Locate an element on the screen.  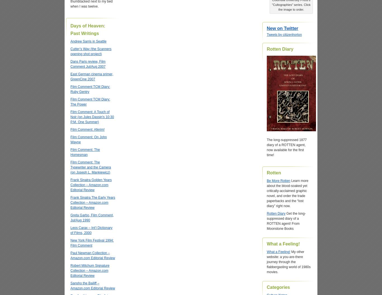
'Film Comment TCM Diary: The Power' is located at coordinates (90, 102).